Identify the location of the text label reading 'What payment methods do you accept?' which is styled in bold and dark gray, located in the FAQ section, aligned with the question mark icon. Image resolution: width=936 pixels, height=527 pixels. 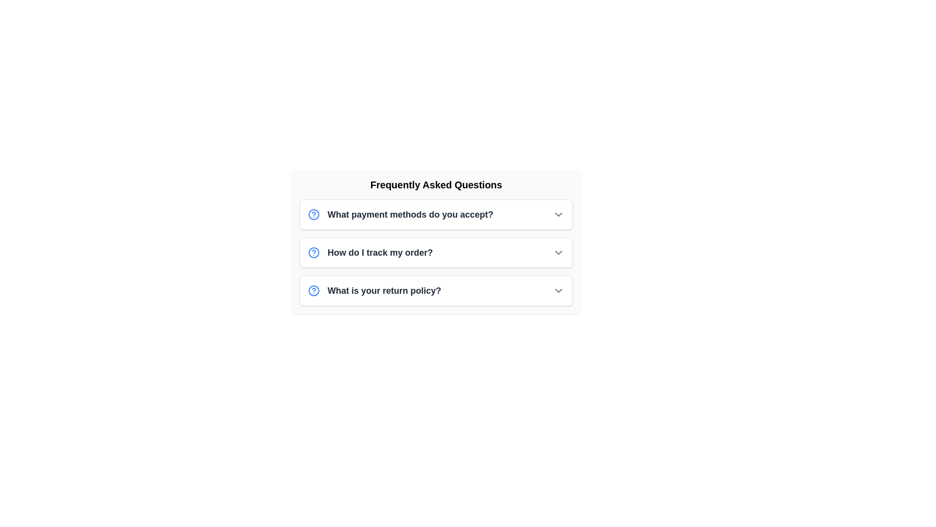
(410, 214).